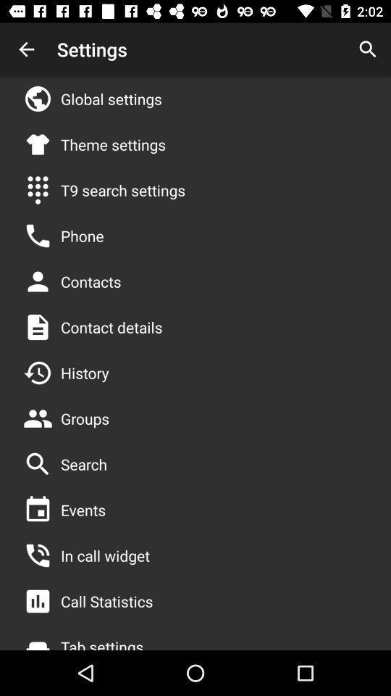 The height and width of the screenshot is (696, 391). I want to click on item next to the settings icon, so click(26, 49).